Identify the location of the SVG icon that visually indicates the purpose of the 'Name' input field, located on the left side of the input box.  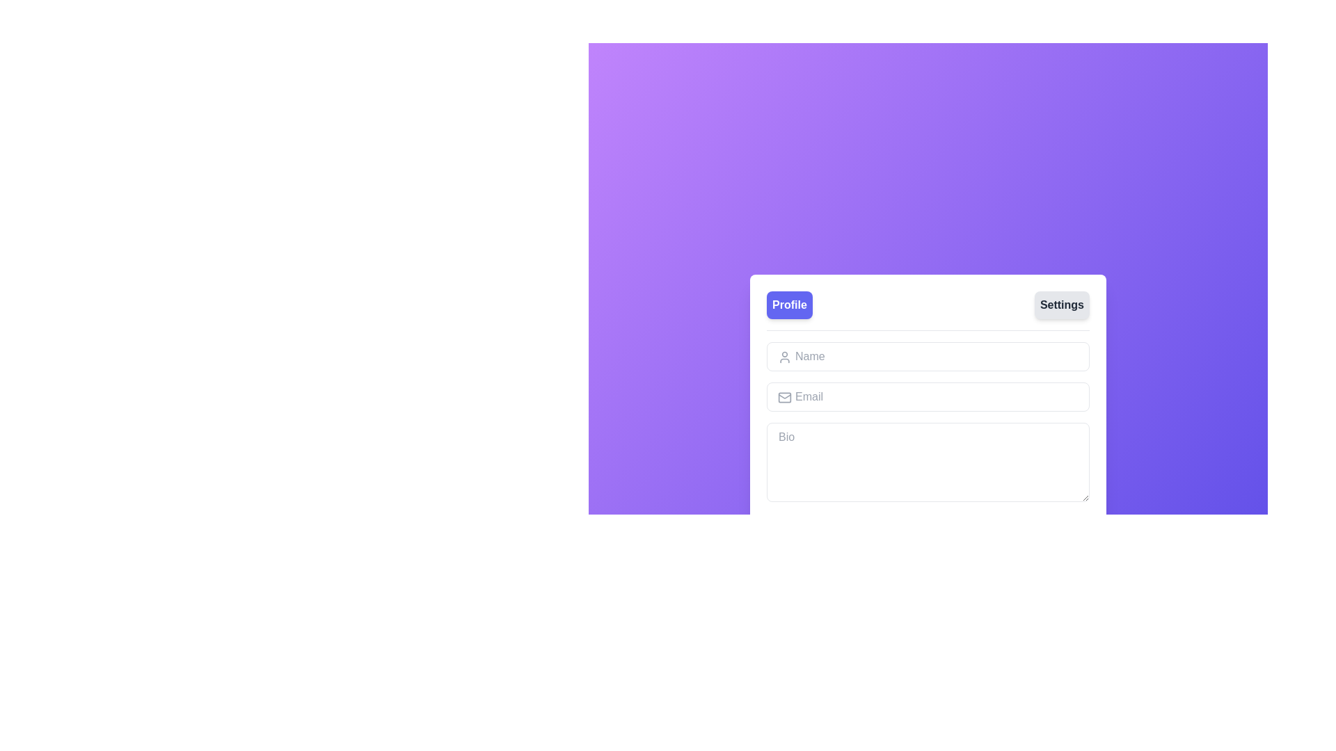
(785, 356).